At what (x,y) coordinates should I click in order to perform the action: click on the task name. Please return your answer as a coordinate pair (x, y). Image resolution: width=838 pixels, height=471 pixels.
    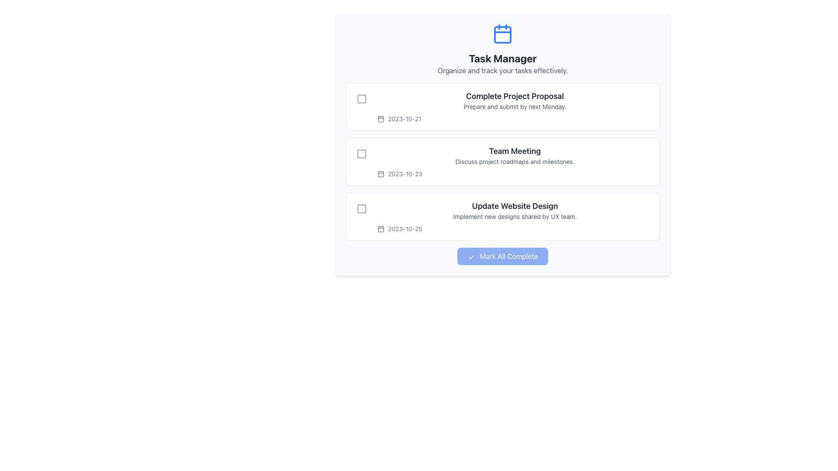
    Looking at the image, I should click on (515, 96).